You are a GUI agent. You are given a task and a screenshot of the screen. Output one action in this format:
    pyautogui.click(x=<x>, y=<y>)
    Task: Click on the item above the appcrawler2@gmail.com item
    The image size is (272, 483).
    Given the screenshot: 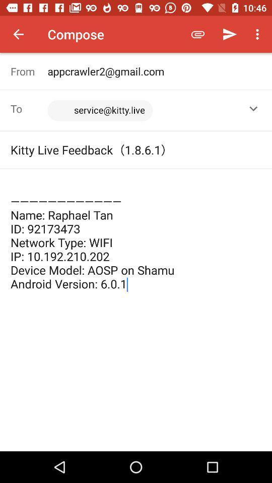 What is the action you would take?
    pyautogui.click(x=229, y=34)
    